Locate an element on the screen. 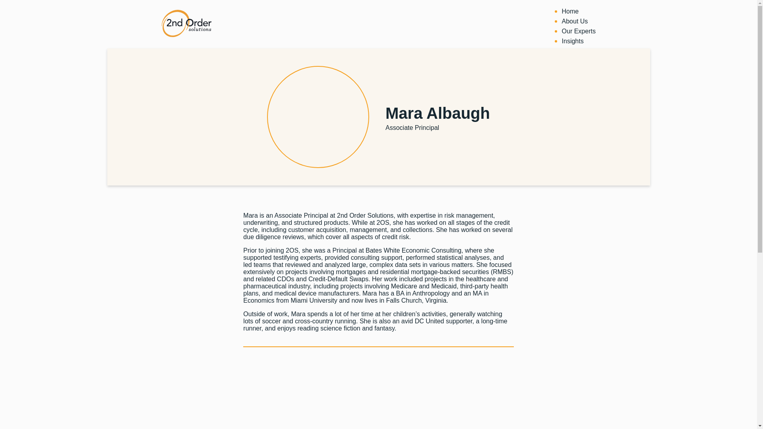  'Contact' is located at coordinates (573, 60).